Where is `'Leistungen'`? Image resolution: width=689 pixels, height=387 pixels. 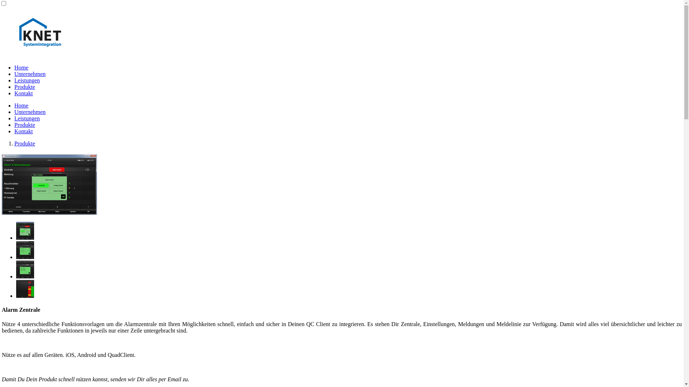 'Leistungen' is located at coordinates (14, 80).